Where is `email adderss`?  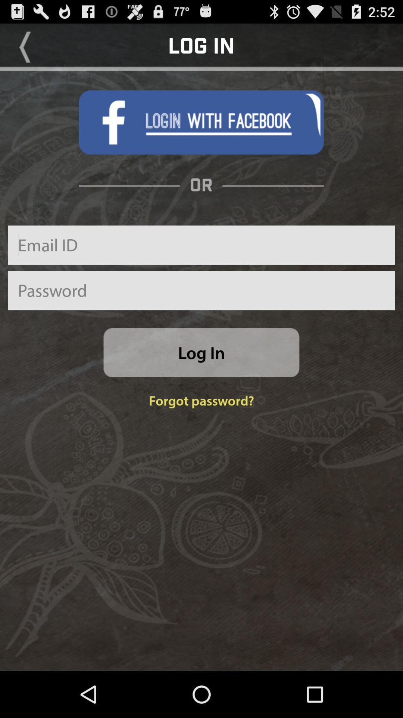 email adderss is located at coordinates (201, 245).